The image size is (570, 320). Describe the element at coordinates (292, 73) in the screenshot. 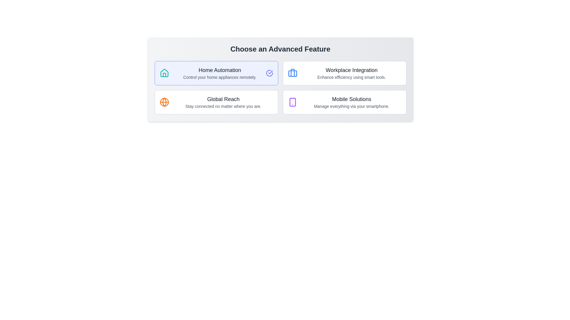

I see `the Workplace Integration icon located at the top-left corner of the card labeled 'Workplace Integration'` at that location.